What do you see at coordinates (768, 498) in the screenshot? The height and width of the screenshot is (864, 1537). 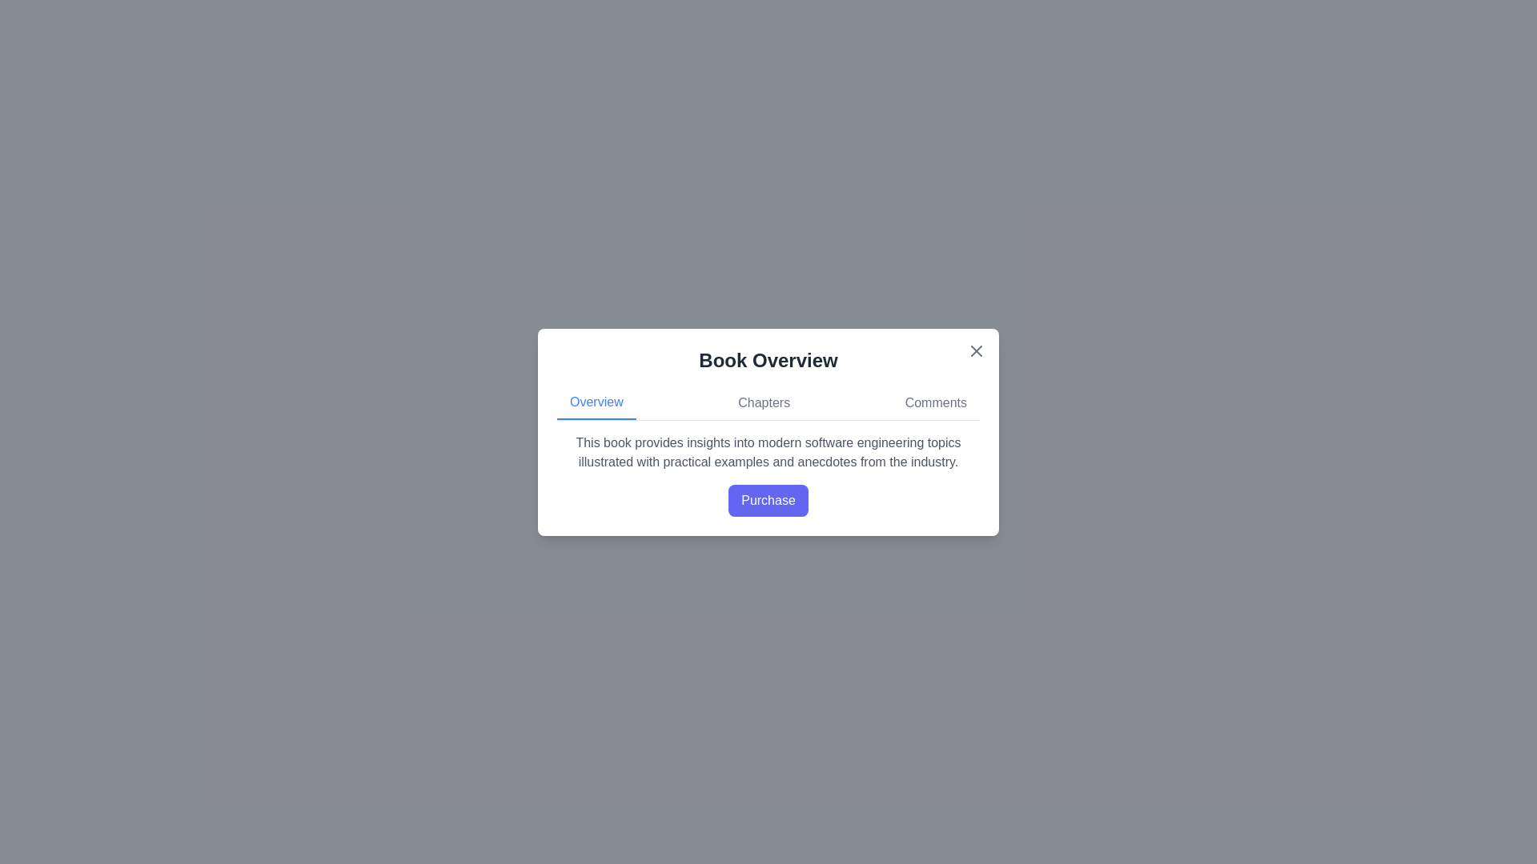 I see `the purchase button located at the bottom center of the dialog box to initiate the purchase process` at bounding box center [768, 498].